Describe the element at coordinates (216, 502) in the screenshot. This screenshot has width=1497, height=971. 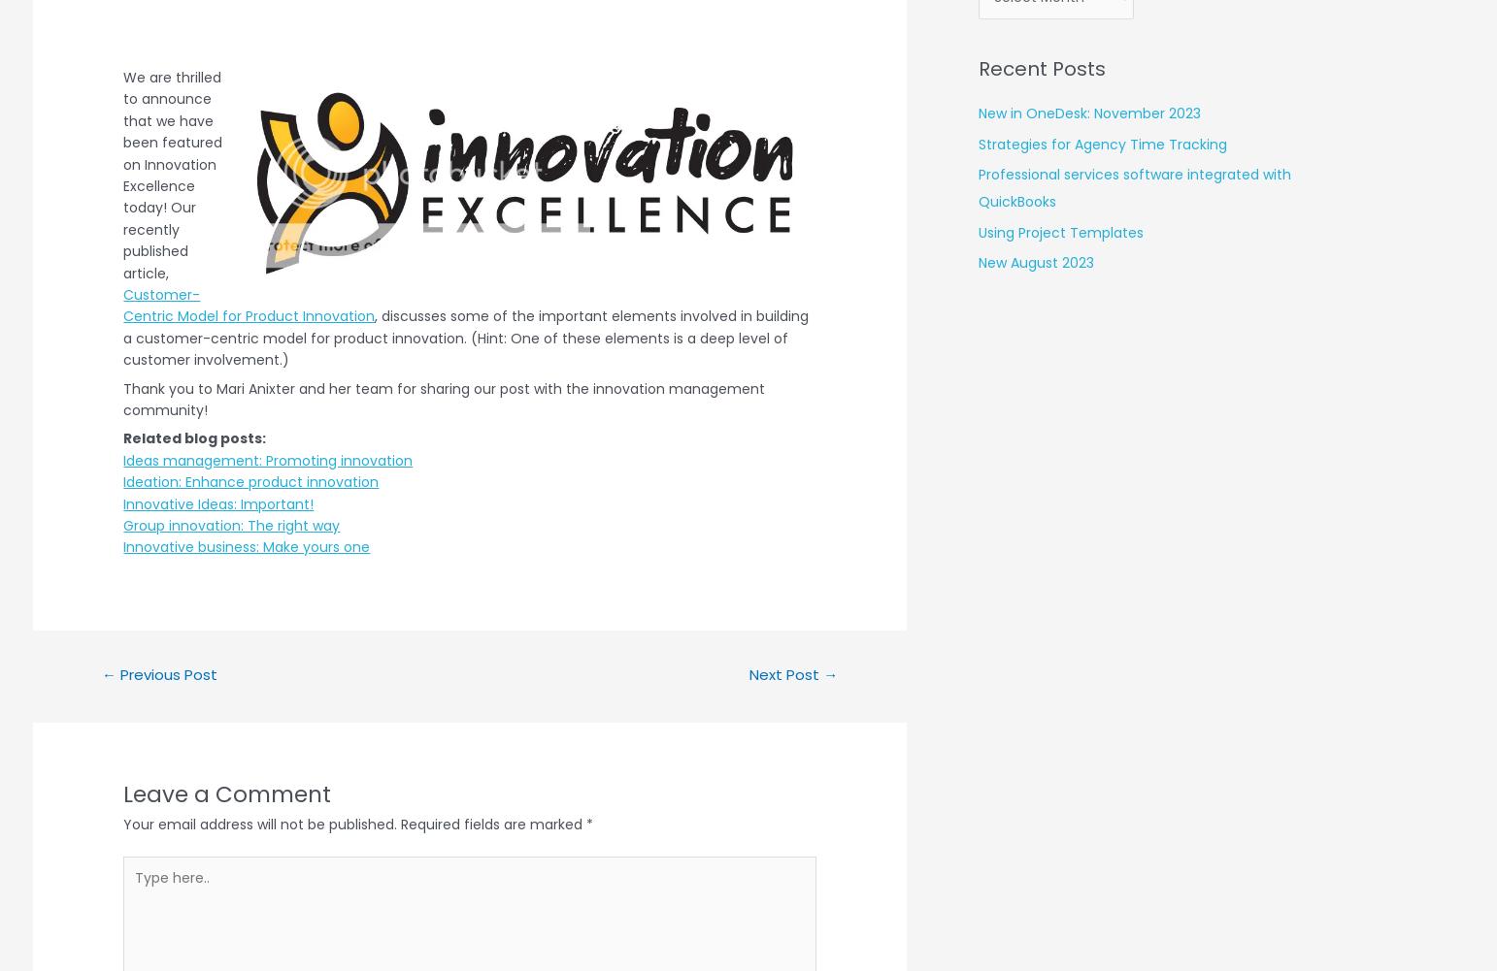
I see `'Innovative Ideas: Important!'` at that location.